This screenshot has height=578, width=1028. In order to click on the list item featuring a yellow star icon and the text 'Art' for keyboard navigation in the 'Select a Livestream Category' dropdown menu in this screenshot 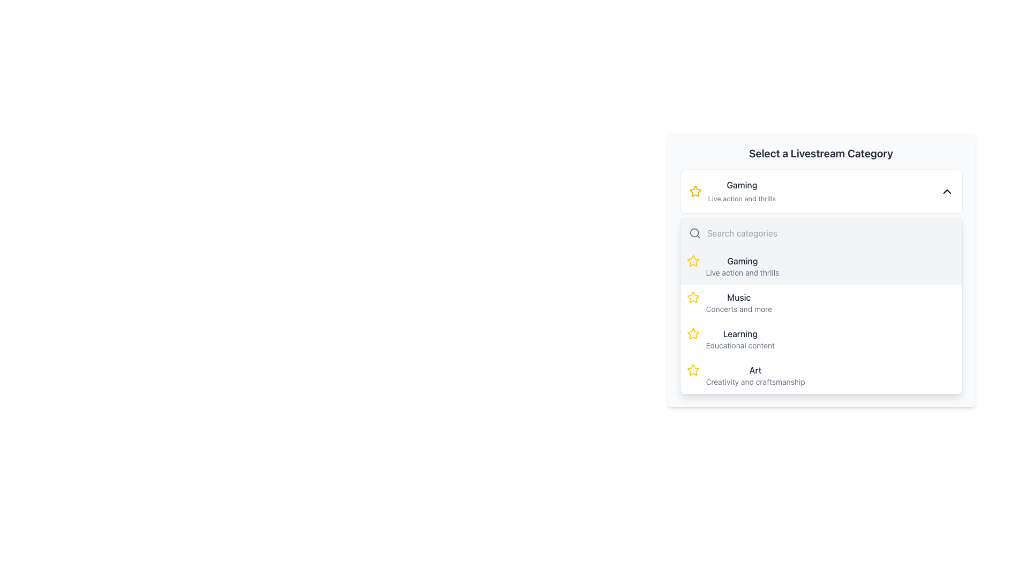, I will do `click(820, 375)`.